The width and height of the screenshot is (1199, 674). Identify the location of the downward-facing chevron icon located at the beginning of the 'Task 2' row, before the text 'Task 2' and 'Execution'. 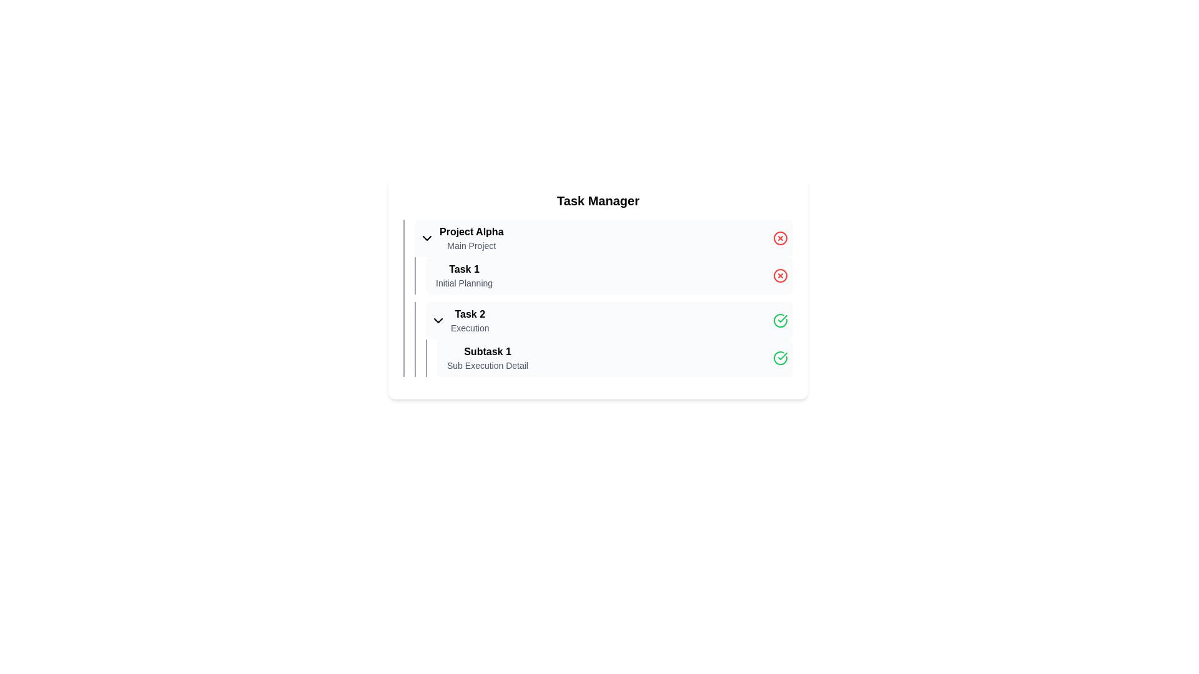
(438, 320).